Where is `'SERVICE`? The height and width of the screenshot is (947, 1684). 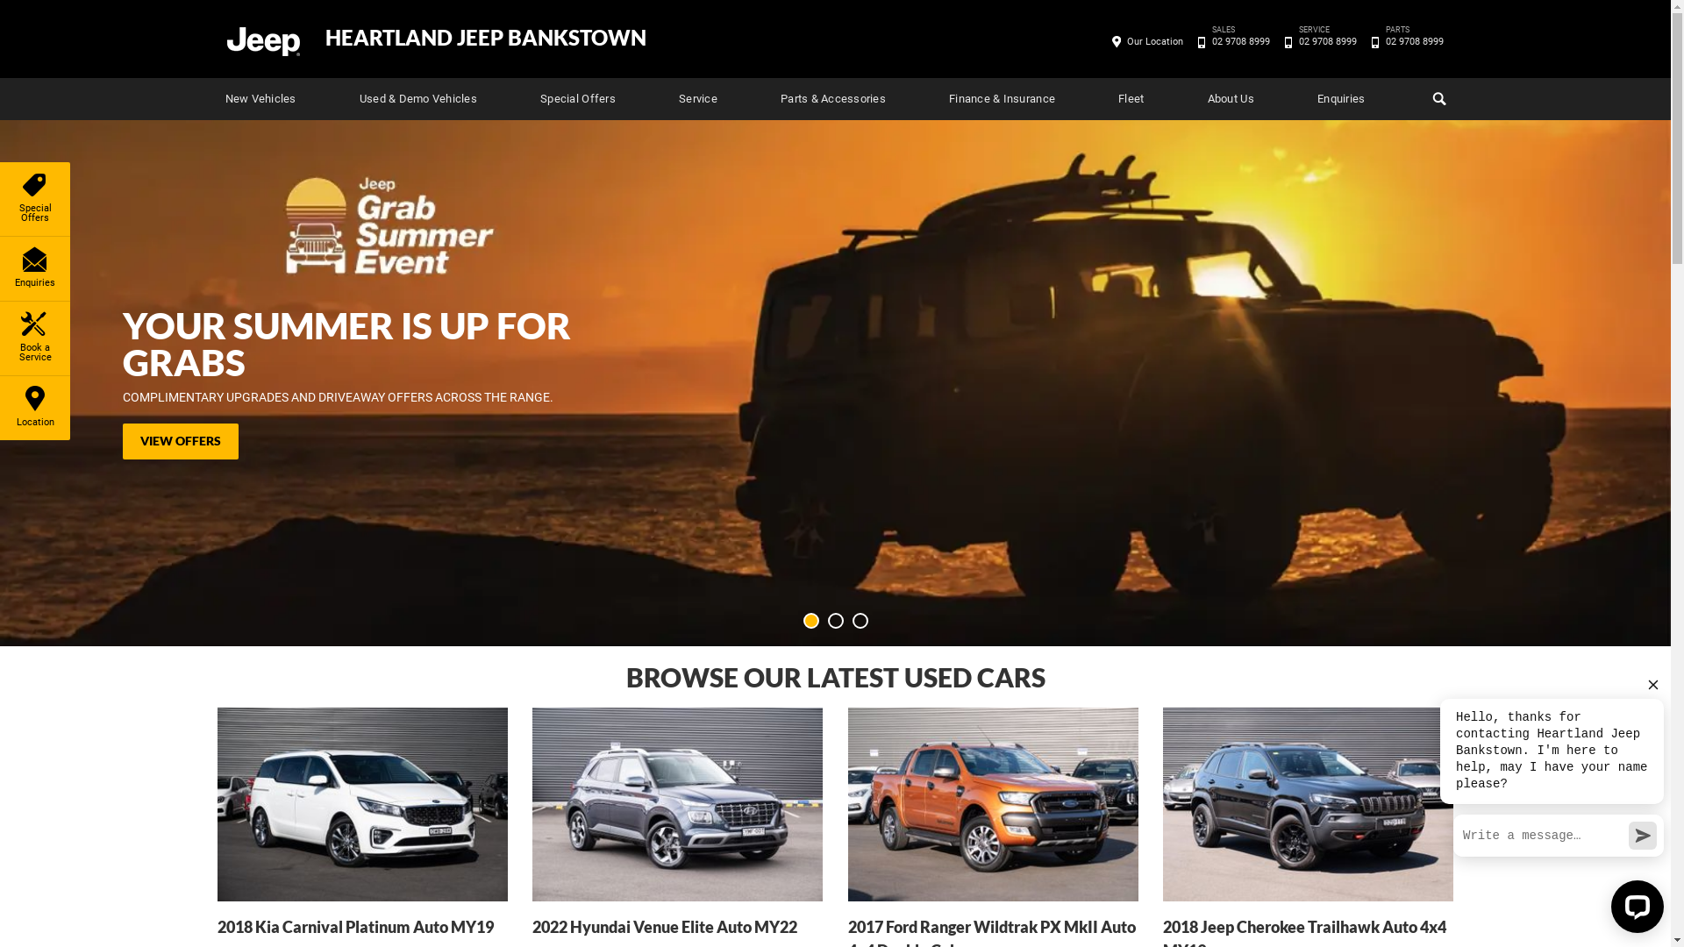 'SERVICE is located at coordinates (1327, 40).